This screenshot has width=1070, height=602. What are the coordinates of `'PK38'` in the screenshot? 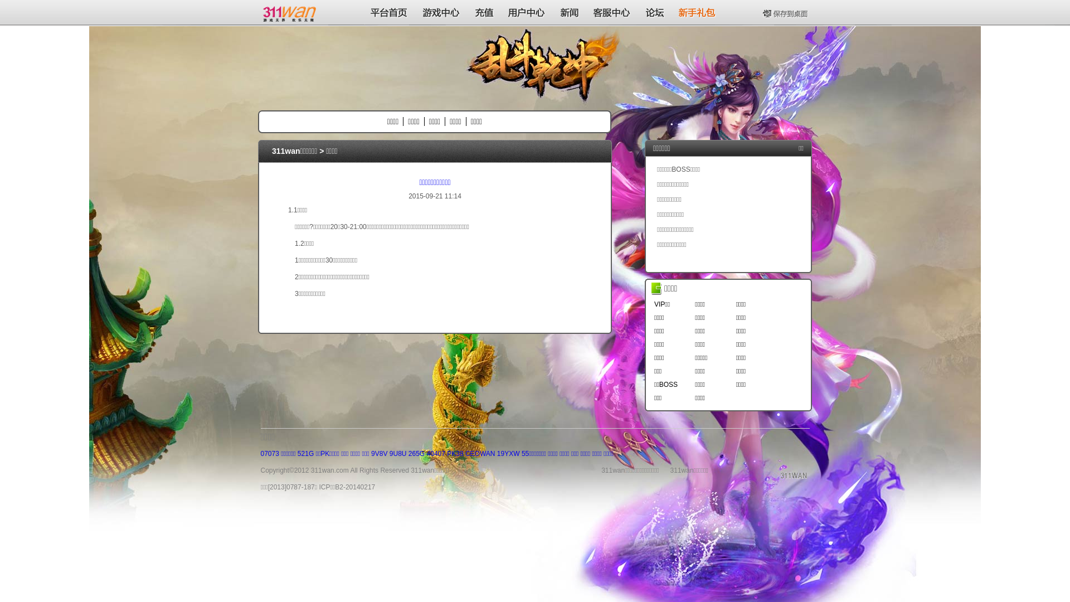 It's located at (455, 453).